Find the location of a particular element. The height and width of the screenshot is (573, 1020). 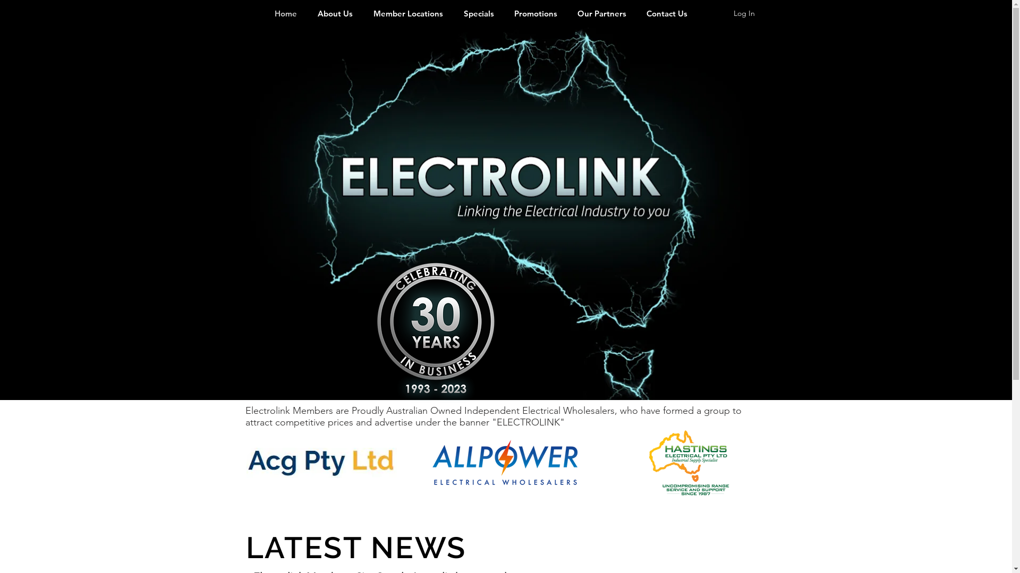

'Our Partners' is located at coordinates (567, 13).